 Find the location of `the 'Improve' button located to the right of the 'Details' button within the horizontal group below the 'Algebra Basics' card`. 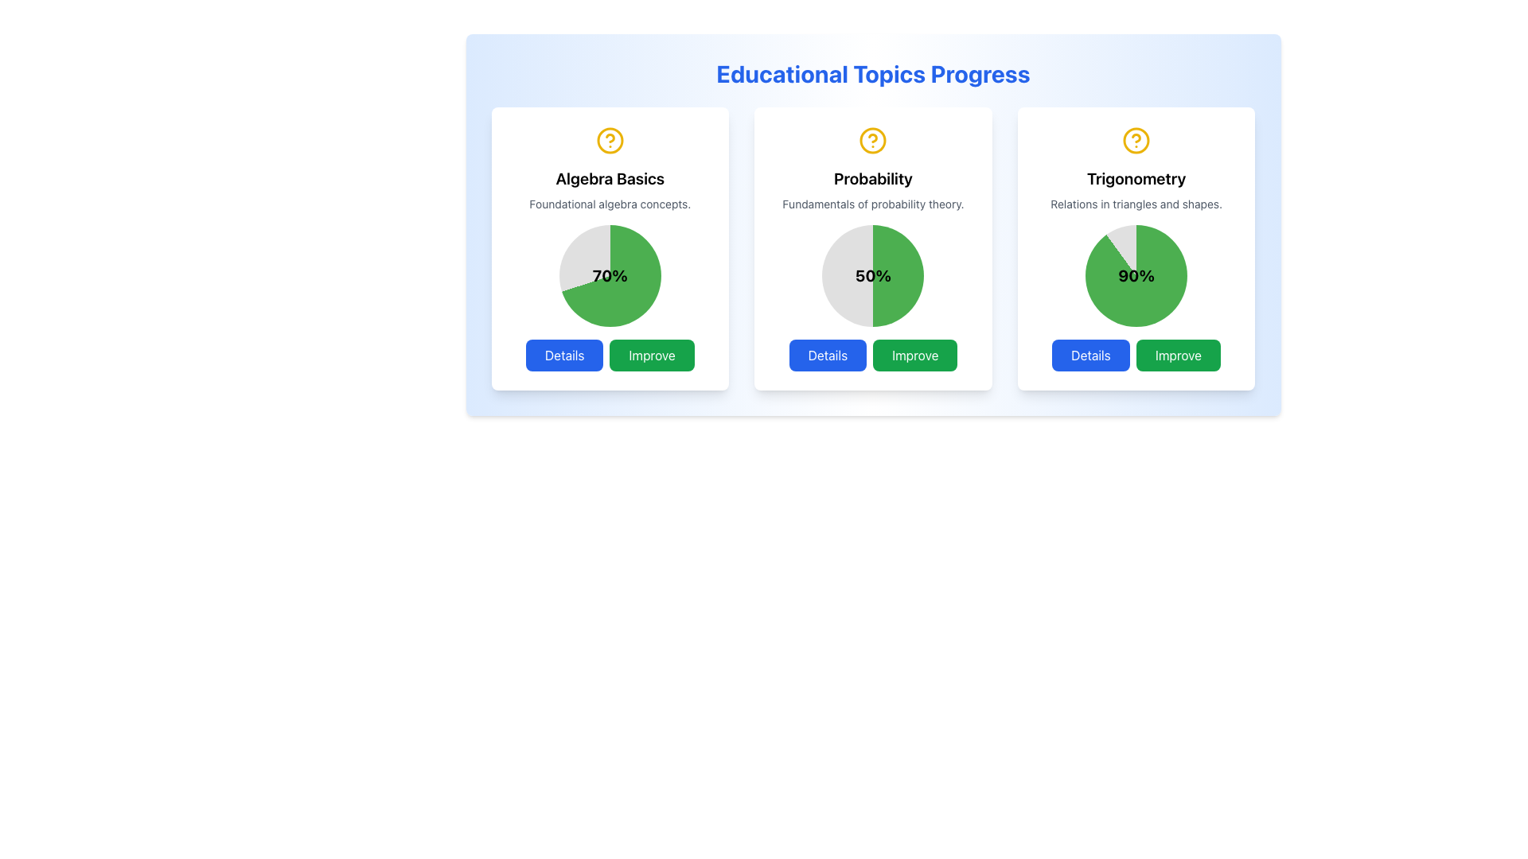

the 'Improve' button located to the right of the 'Details' button within the horizontal group below the 'Algebra Basics' card is located at coordinates (652, 355).